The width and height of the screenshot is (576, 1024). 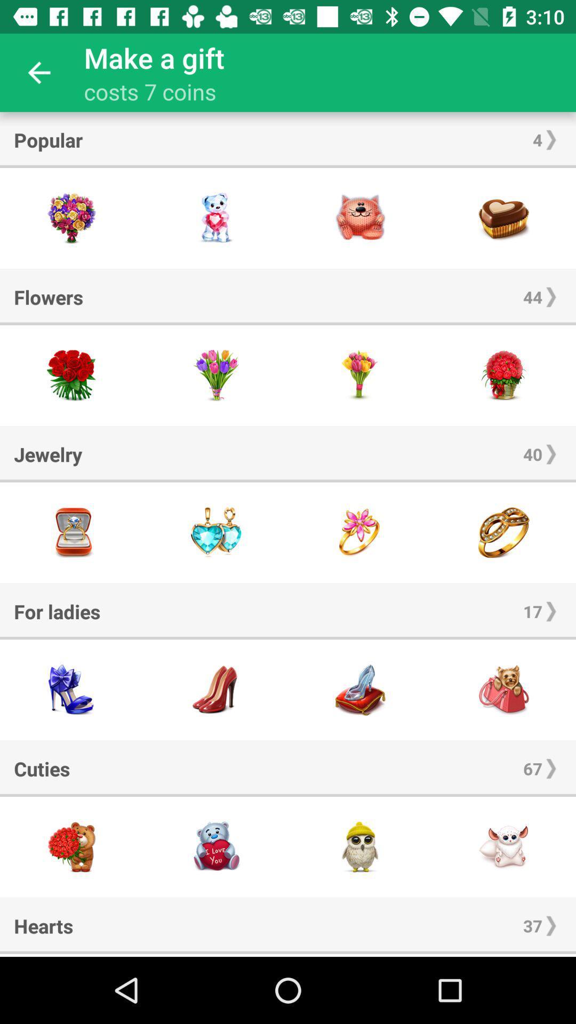 What do you see at coordinates (360, 846) in the screenshot?
I see `share the article` at bounding box center [360, 846].